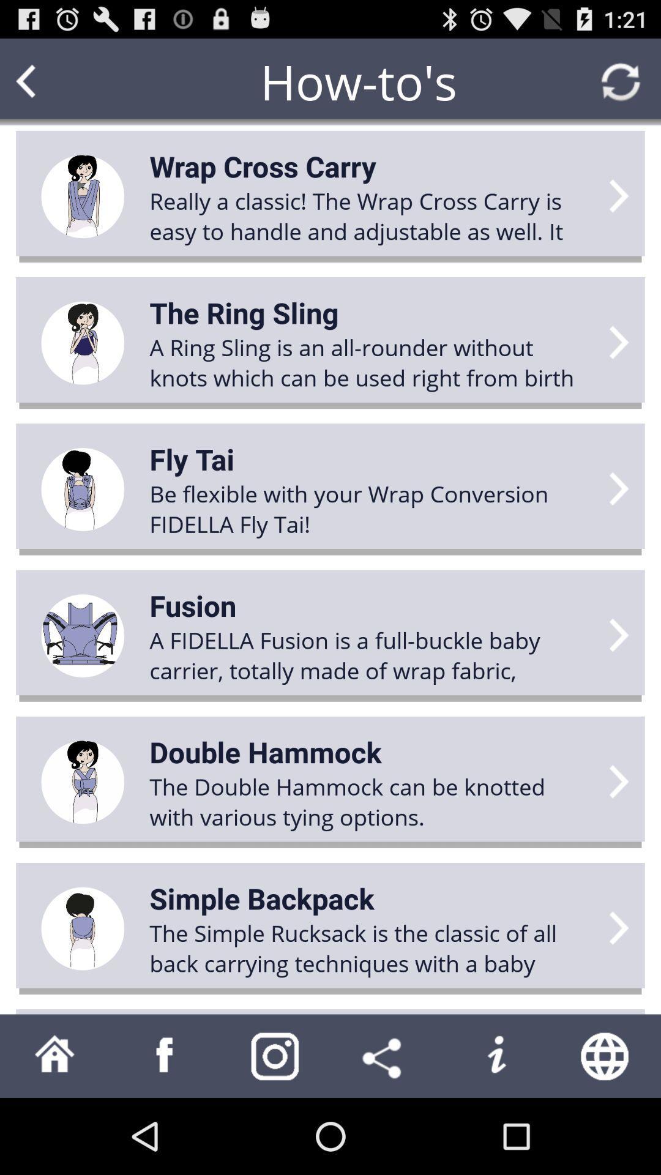 The width and height of the screenshot is (661, 1175). Describe the element at coordinates (275, 1055) in the screenshot. I see `instagram` at that location.